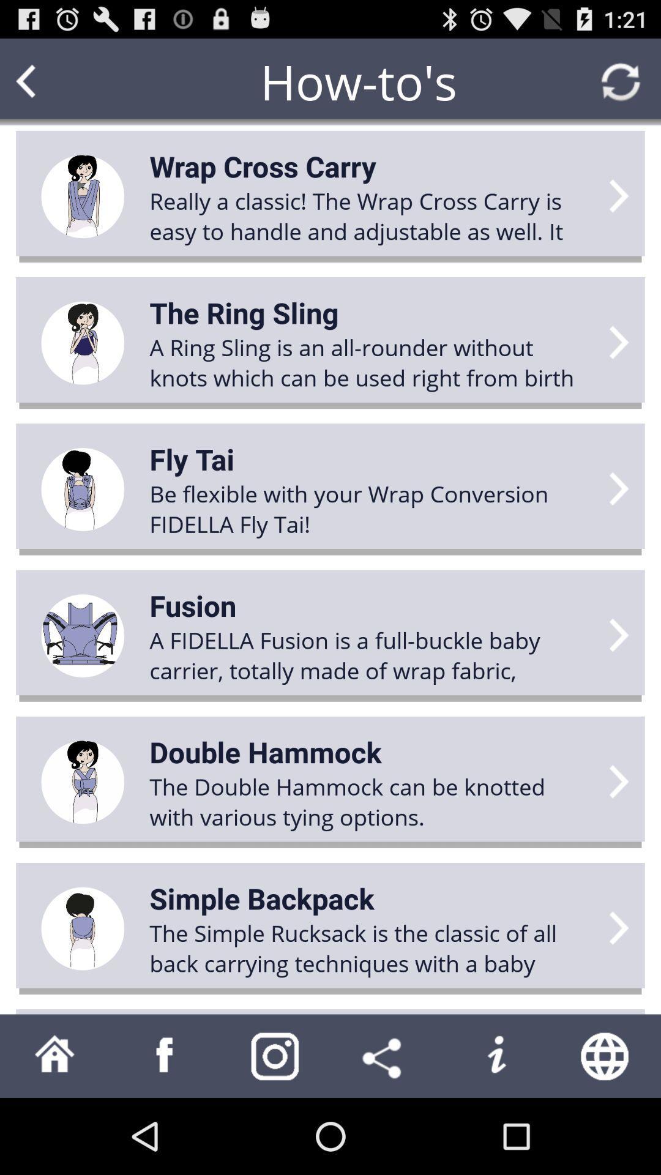 The width and height of the screenshot is (661, 1175). Describe the element at coordinates (275, 1055) in the screenshot. I see `instagram` at that location.